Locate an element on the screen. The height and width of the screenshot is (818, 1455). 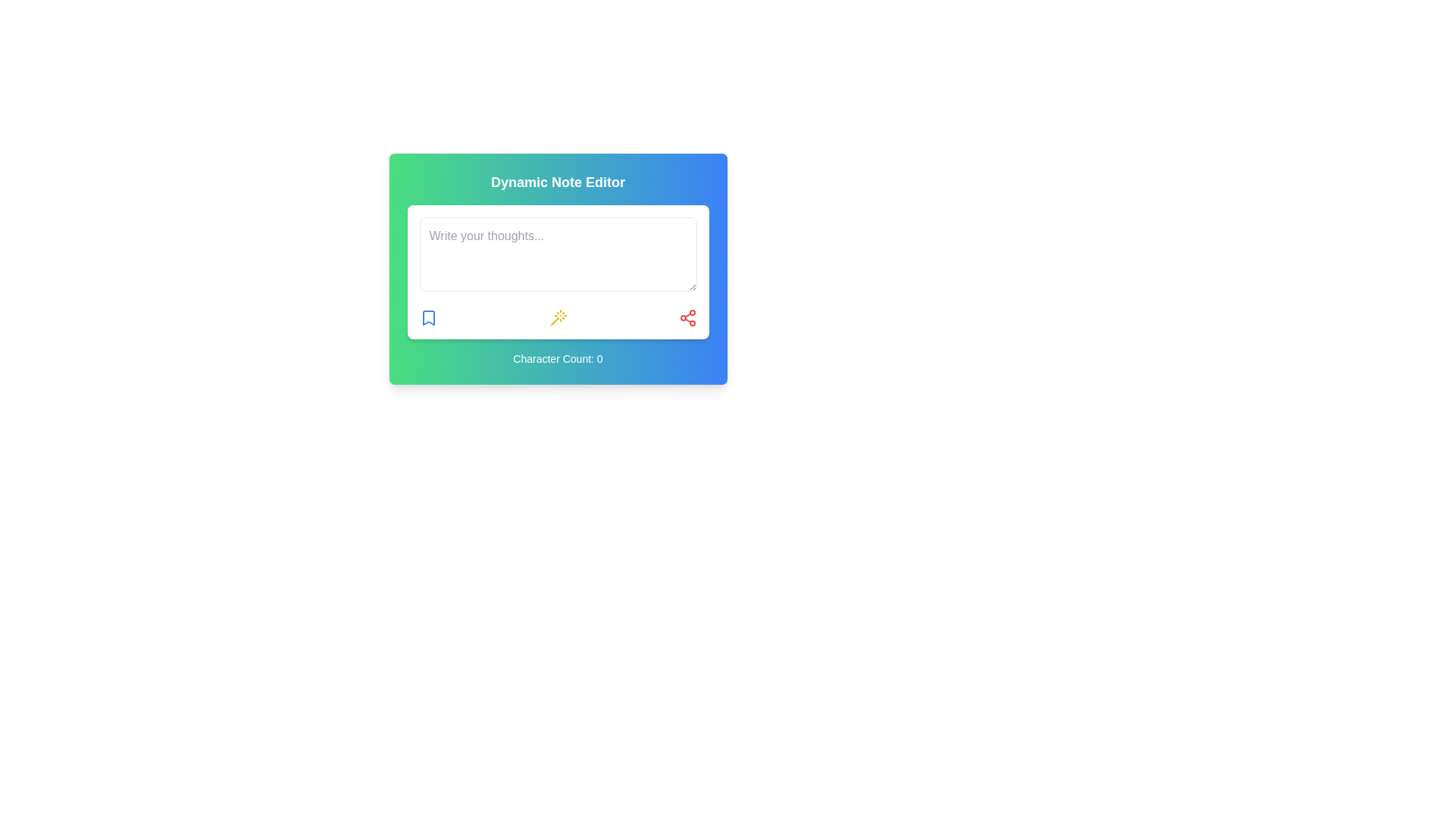
the bookmark icon button located in the lower left corner of the 'Dynamic Note Editor' box is located at coordinates (427, 317).